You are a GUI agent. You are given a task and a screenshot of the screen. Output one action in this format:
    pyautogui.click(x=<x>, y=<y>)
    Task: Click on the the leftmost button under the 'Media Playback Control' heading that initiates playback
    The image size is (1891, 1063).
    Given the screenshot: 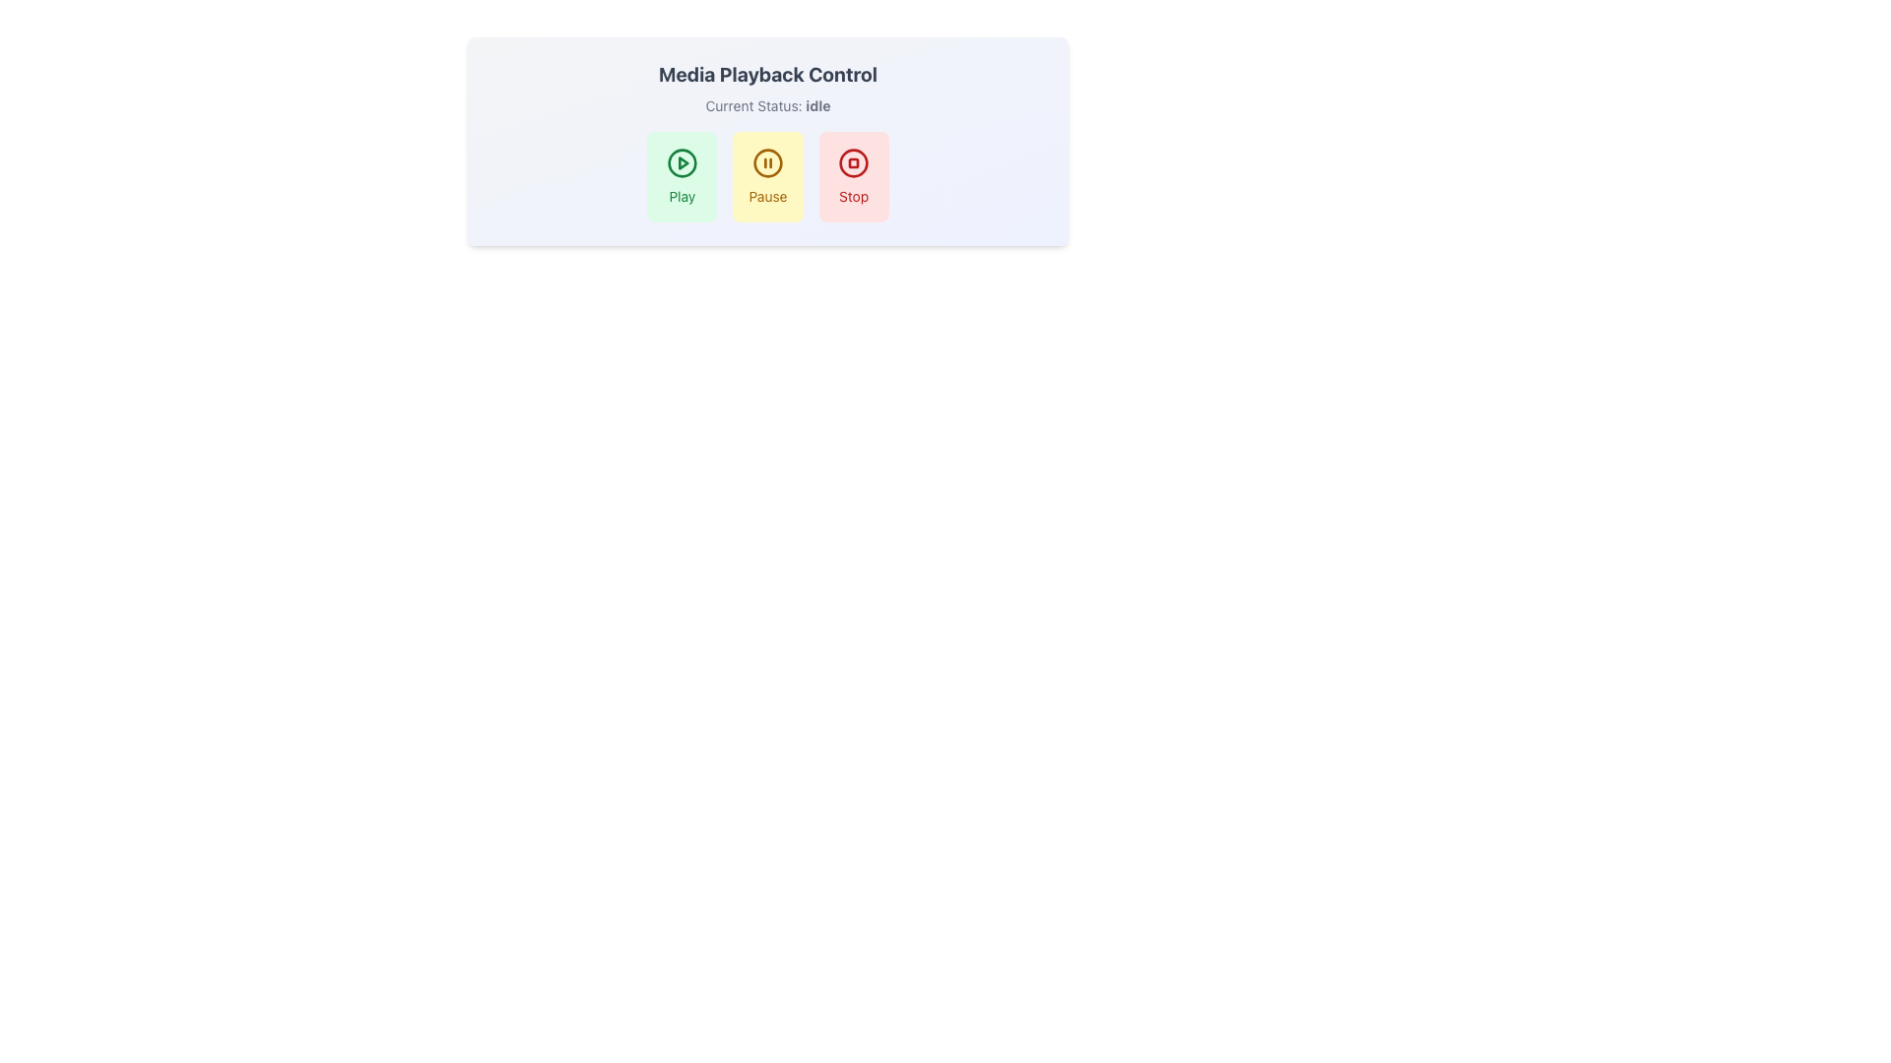 What is the action you would take?
    pyautogui.click(x=682, y=161)
    